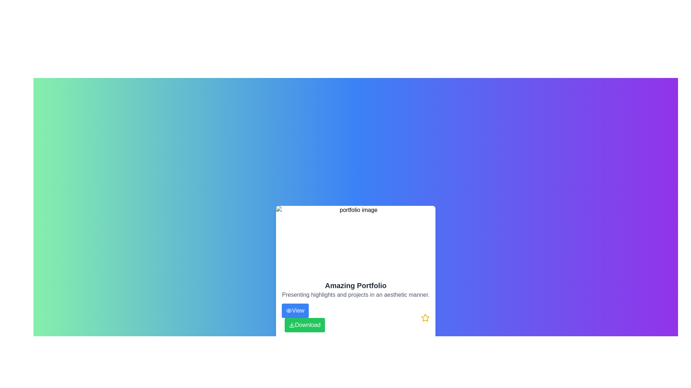 The image size is (691, 388). I want to click on the star-shaped icon with a yellow outline and white fill located at the bottom-right corner of the card, adjacent to the green 'Download' button, so click(425, 317).